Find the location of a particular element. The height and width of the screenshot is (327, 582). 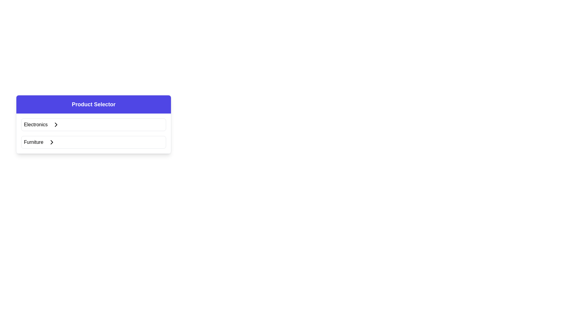

the Chevron icon located at the rightmost part of the 'Furniture' row under the 'Product Selector' section is located at coordinates (52, 142).